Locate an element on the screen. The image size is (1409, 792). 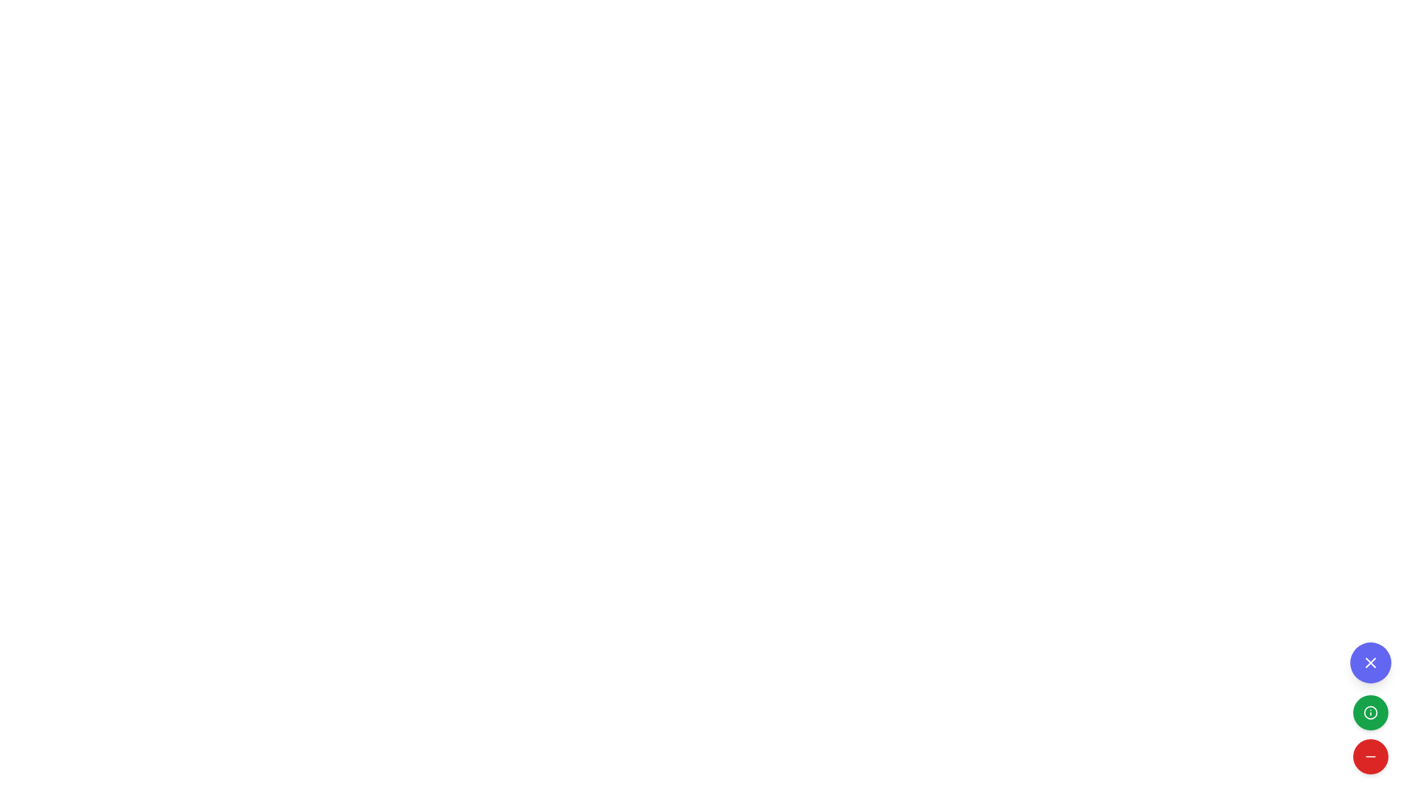
the circular button with a purple background and a white 'X' icon located at the bottom-right corner of the interface is located at coordinates (1369, 662).